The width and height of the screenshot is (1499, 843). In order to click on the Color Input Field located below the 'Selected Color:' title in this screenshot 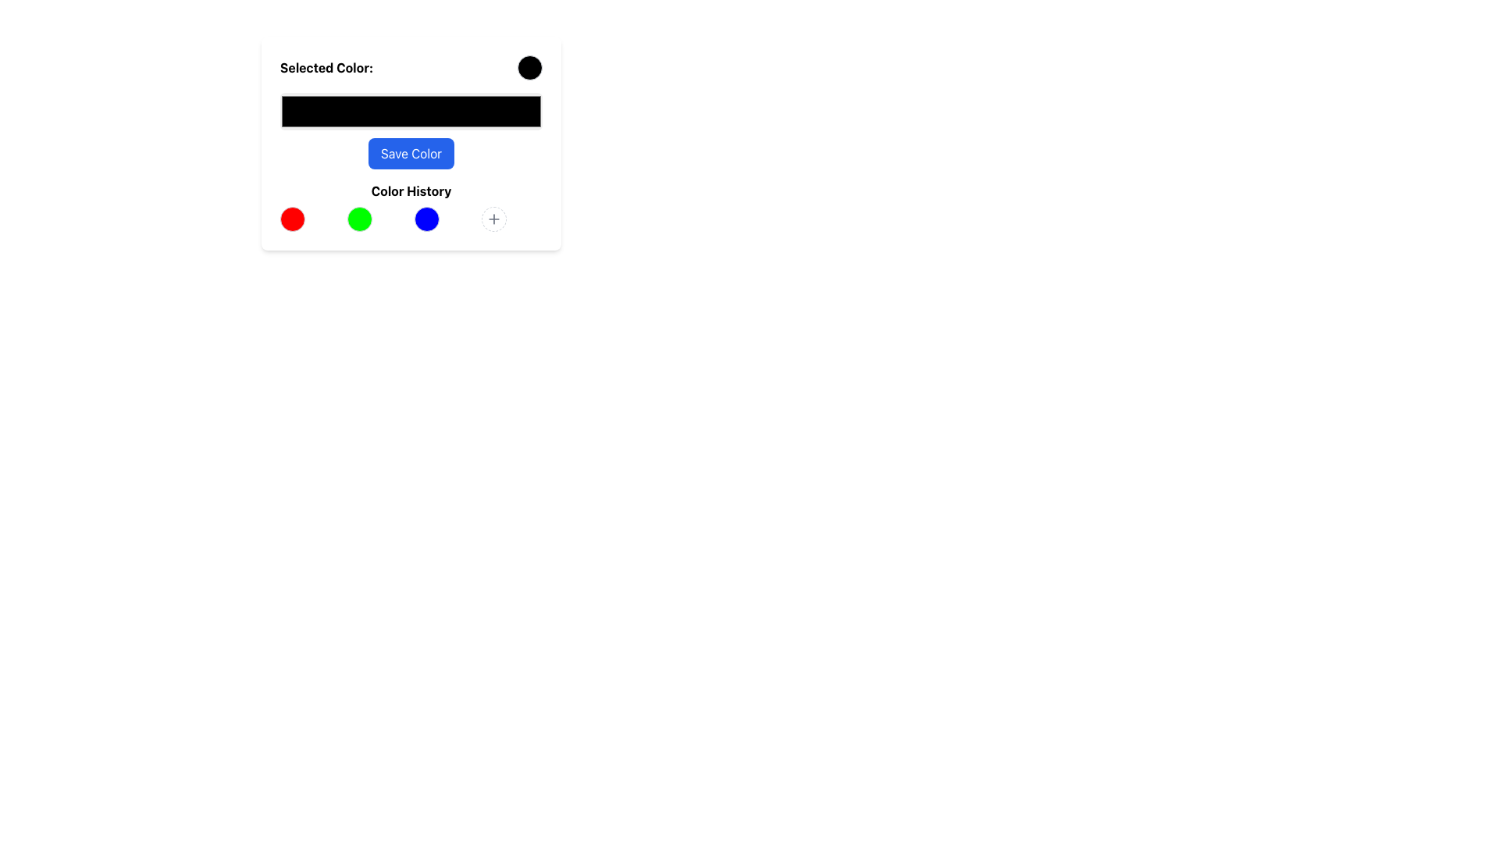, I will do `click(411, 130)`.